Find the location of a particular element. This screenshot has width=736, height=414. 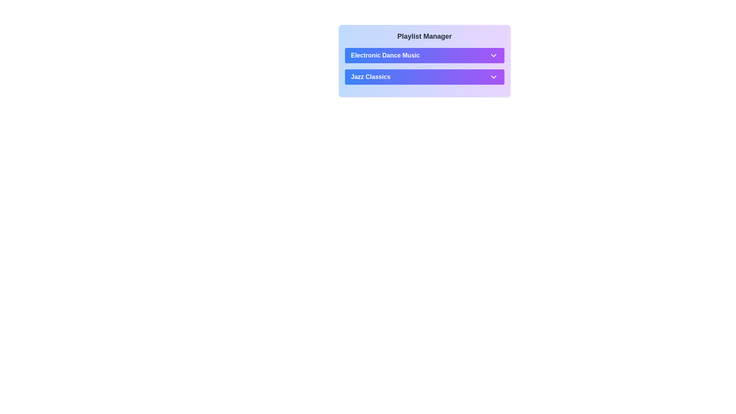

the first button in the 'Playlist Manager' section is located at coordinates (424, 55).